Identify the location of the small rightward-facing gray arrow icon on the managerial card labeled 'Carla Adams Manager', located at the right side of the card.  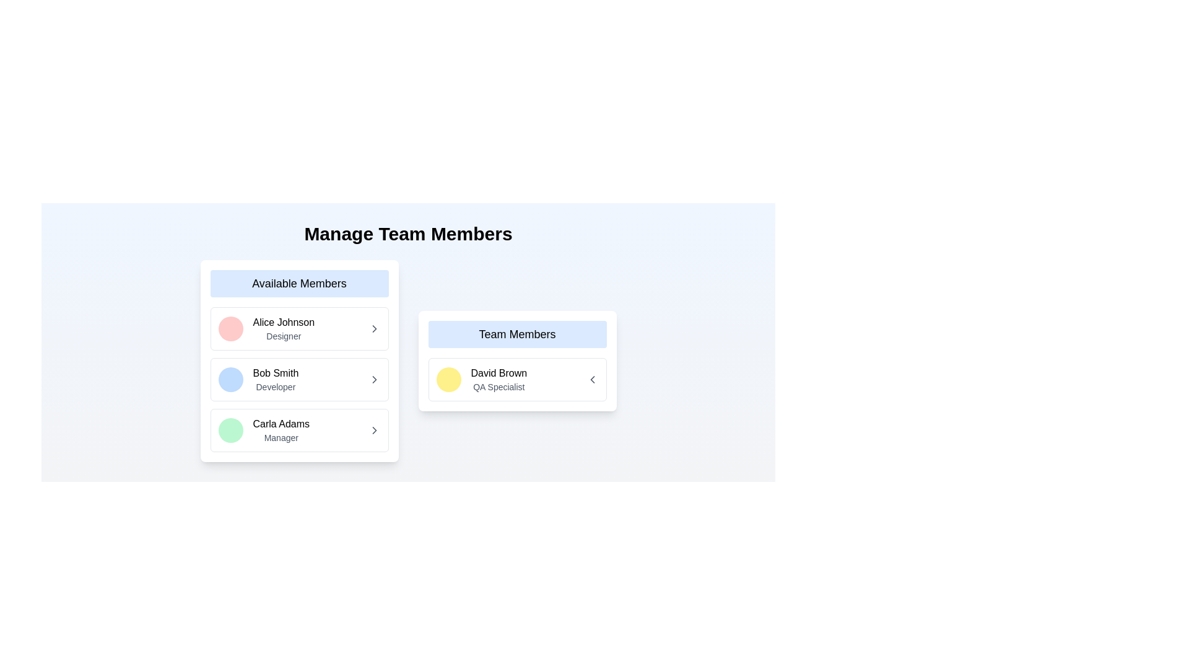
(373, 429).